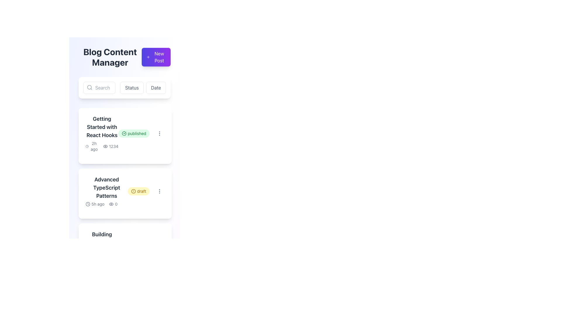 The height and width of the screenshot is (315, 561). Describe the element at coordinates (88, 204) in the screenshot. I see `the time attribute icon located next to the text '5h ago' at the bottom-left corner of the card labeled 'Advanced TypeScript Patterns'` at that location.